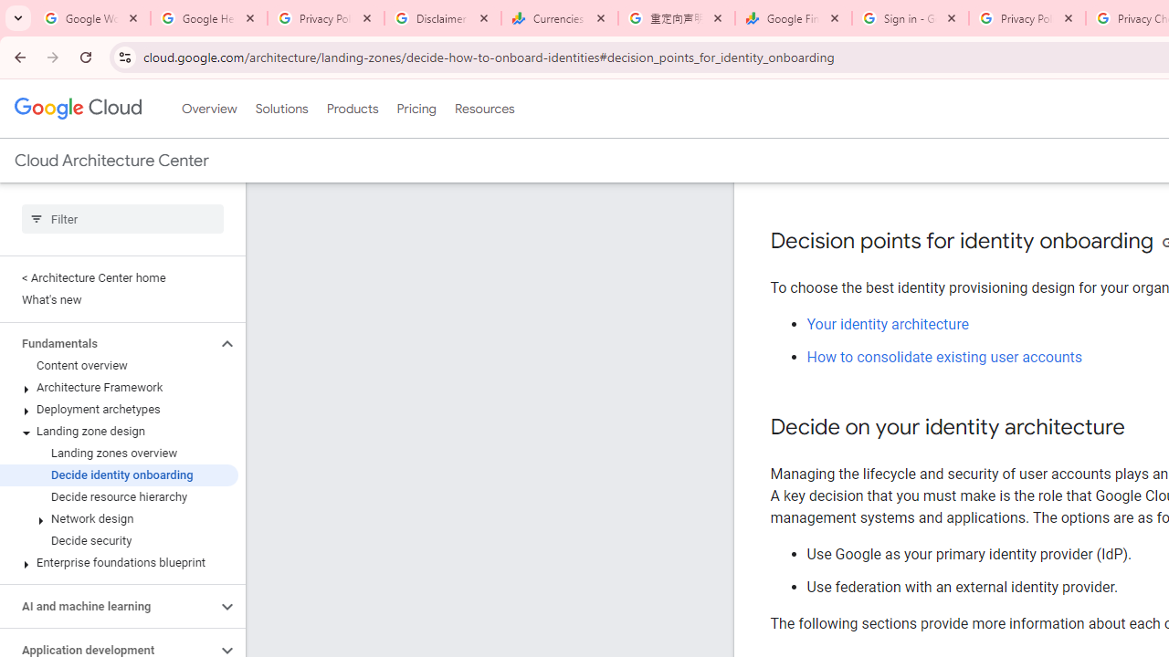  Describe the element at coordinates (118, 519) in the screenshot. I see `'Network design'` at that location.